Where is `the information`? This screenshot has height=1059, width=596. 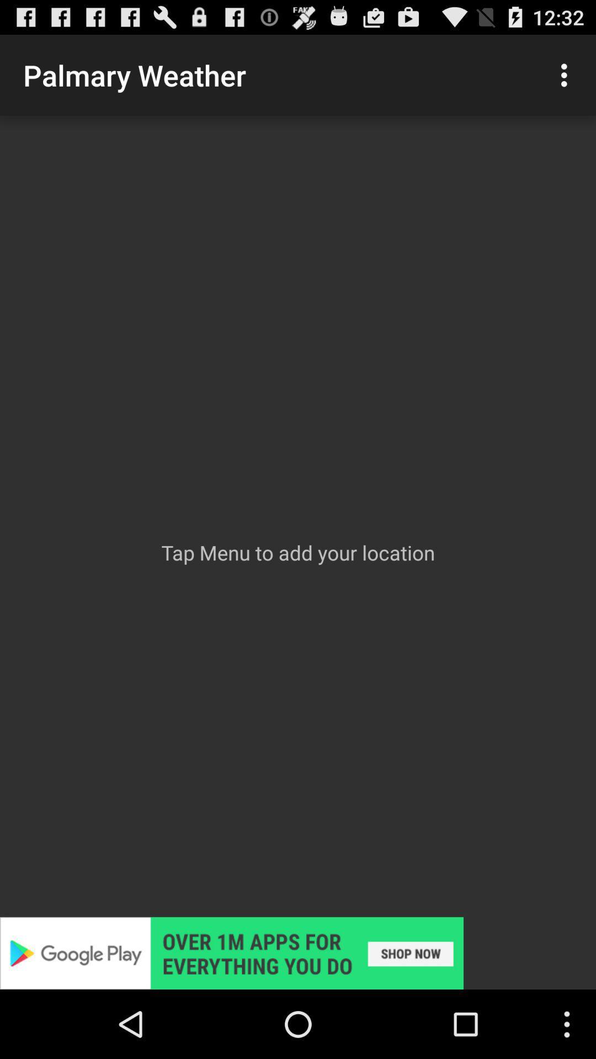 the information is located at coordinates (298, 953).